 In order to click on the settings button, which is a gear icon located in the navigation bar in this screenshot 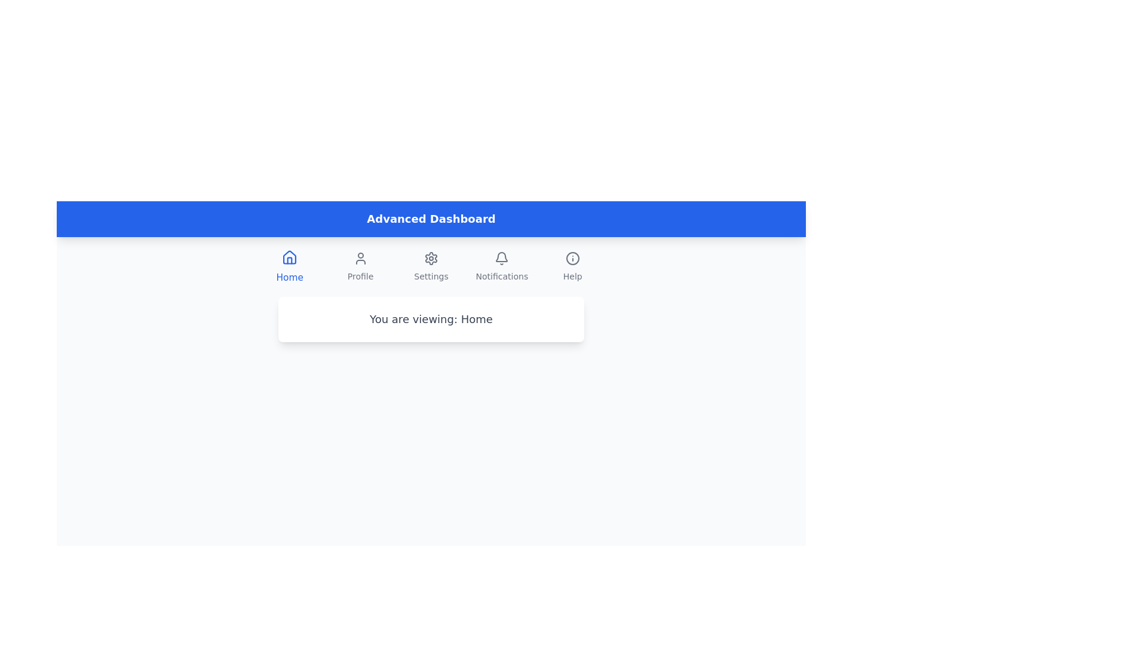, I will do `click(430, 266)`.